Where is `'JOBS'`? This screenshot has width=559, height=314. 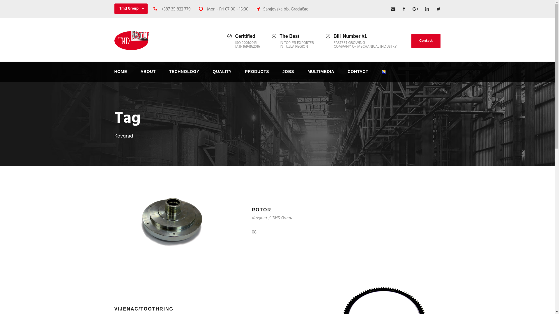
'JOBS' is located at coordinates (288, 75).